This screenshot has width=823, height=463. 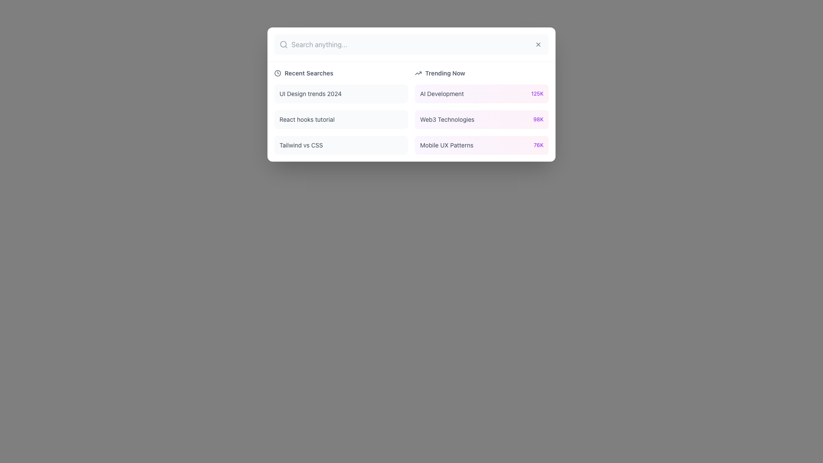 I want to click on the third button in the 'Recent Searches' list, so click(x=341, y=145).